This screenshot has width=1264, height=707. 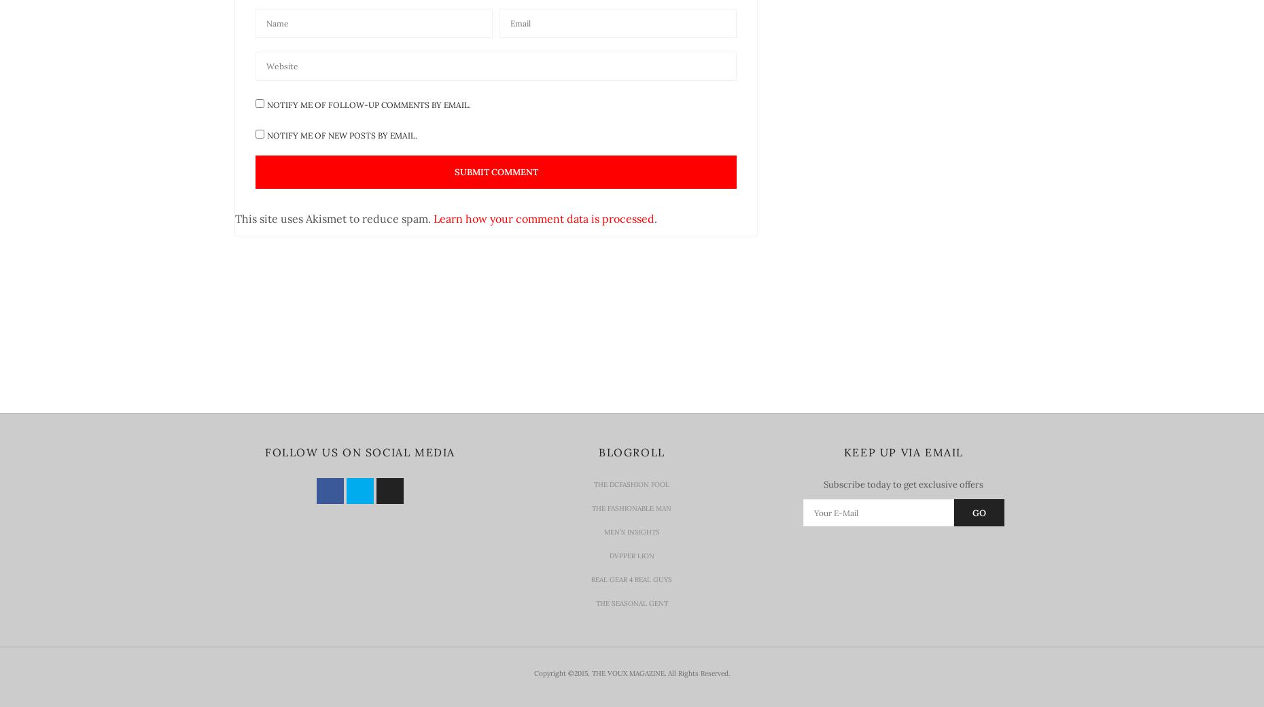 I want to click on 'The Fashionable Man', so click(x=631, y=508).